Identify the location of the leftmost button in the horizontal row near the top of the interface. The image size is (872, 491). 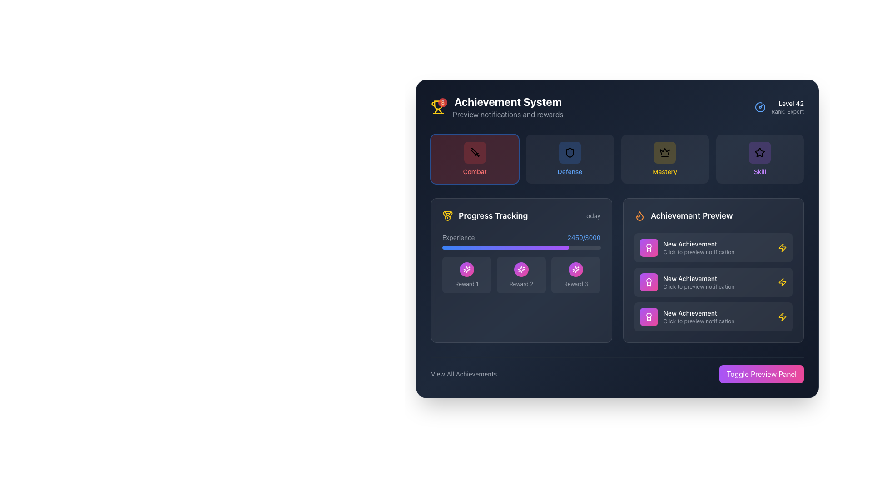
(474, 159).